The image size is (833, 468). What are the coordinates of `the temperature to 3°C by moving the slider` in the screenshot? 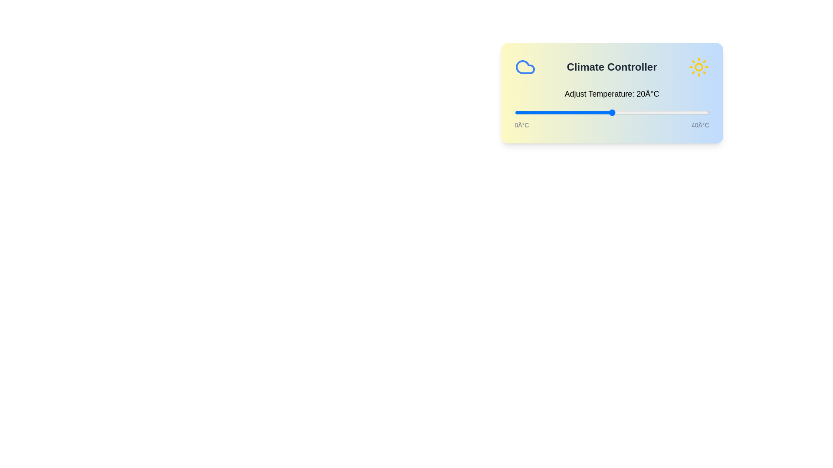 It's located at (529, 112).